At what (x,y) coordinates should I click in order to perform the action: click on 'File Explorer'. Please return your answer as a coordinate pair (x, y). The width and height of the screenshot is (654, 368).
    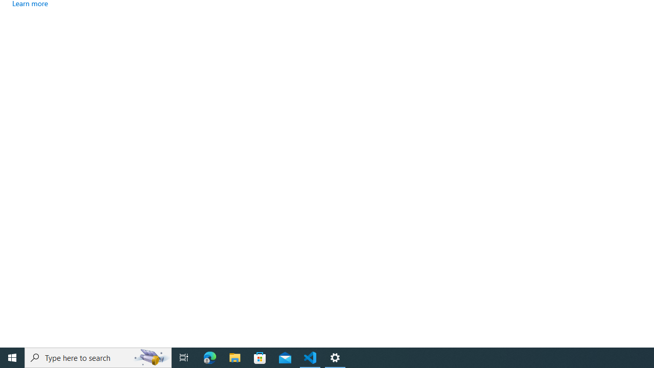
    Looking at the image, I should click on (235, 357).